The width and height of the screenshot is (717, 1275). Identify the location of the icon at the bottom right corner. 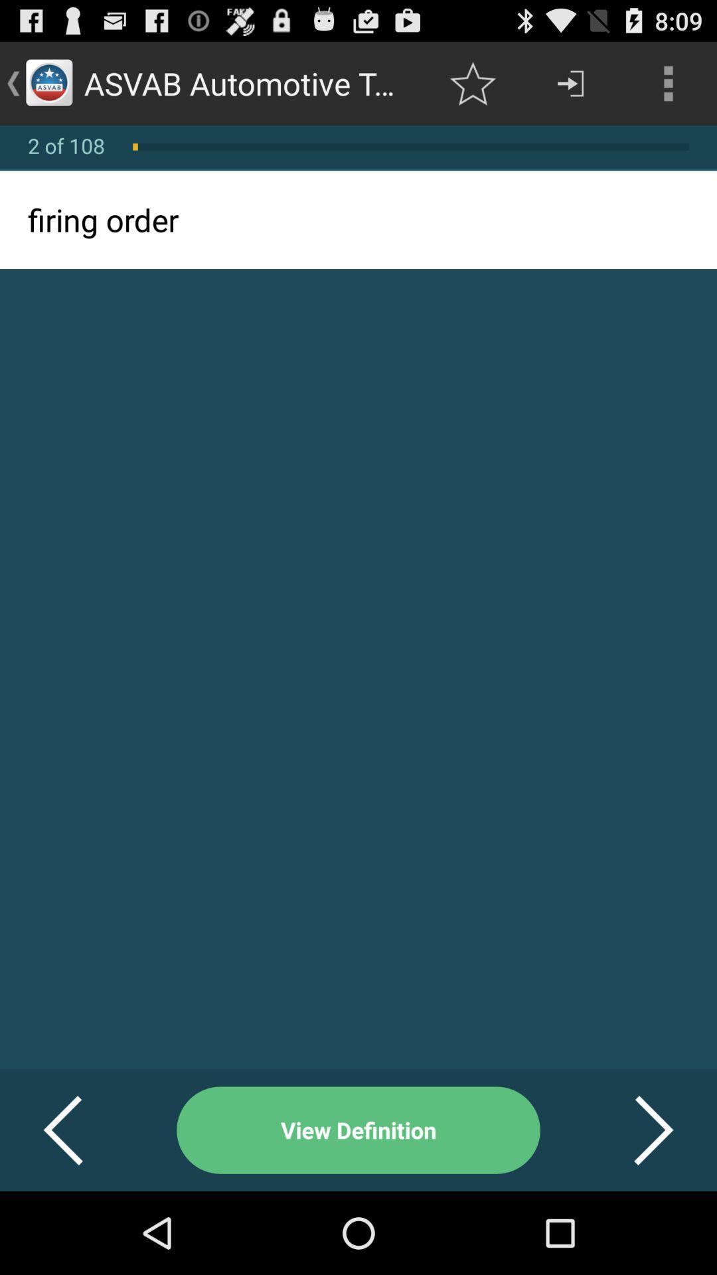
(637, 1130).